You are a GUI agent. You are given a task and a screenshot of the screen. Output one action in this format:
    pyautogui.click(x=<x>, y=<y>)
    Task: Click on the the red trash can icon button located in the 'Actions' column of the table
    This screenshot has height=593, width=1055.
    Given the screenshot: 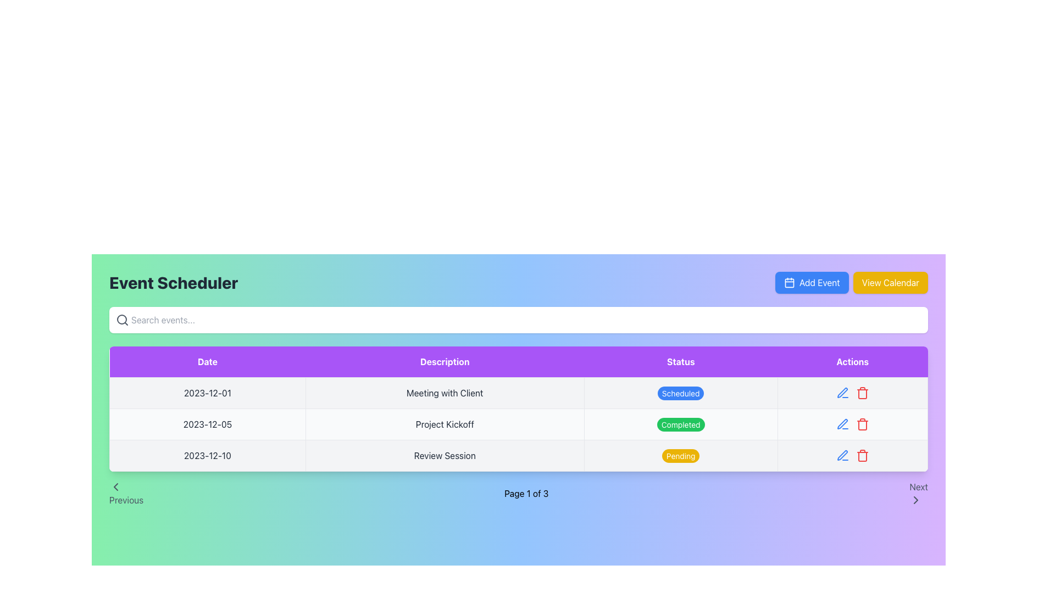 What is the action you would take?
    pyautogui.click(x=862, y=393)
    